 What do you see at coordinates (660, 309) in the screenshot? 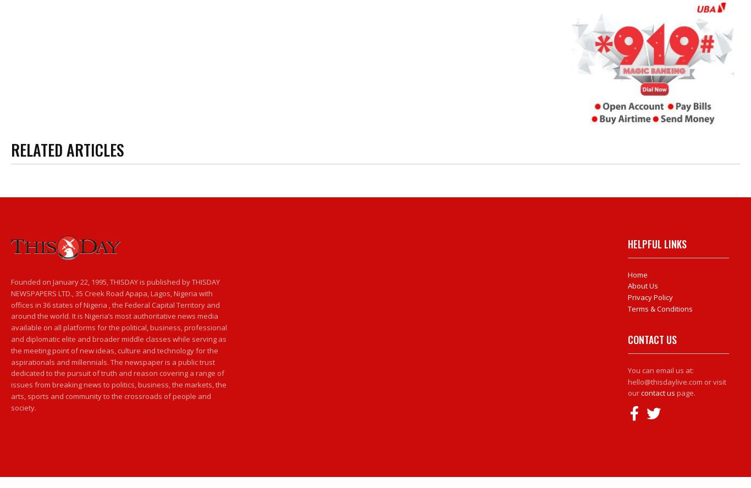
I see `'Terms & Conditions'` at bounding box center [660, 309].